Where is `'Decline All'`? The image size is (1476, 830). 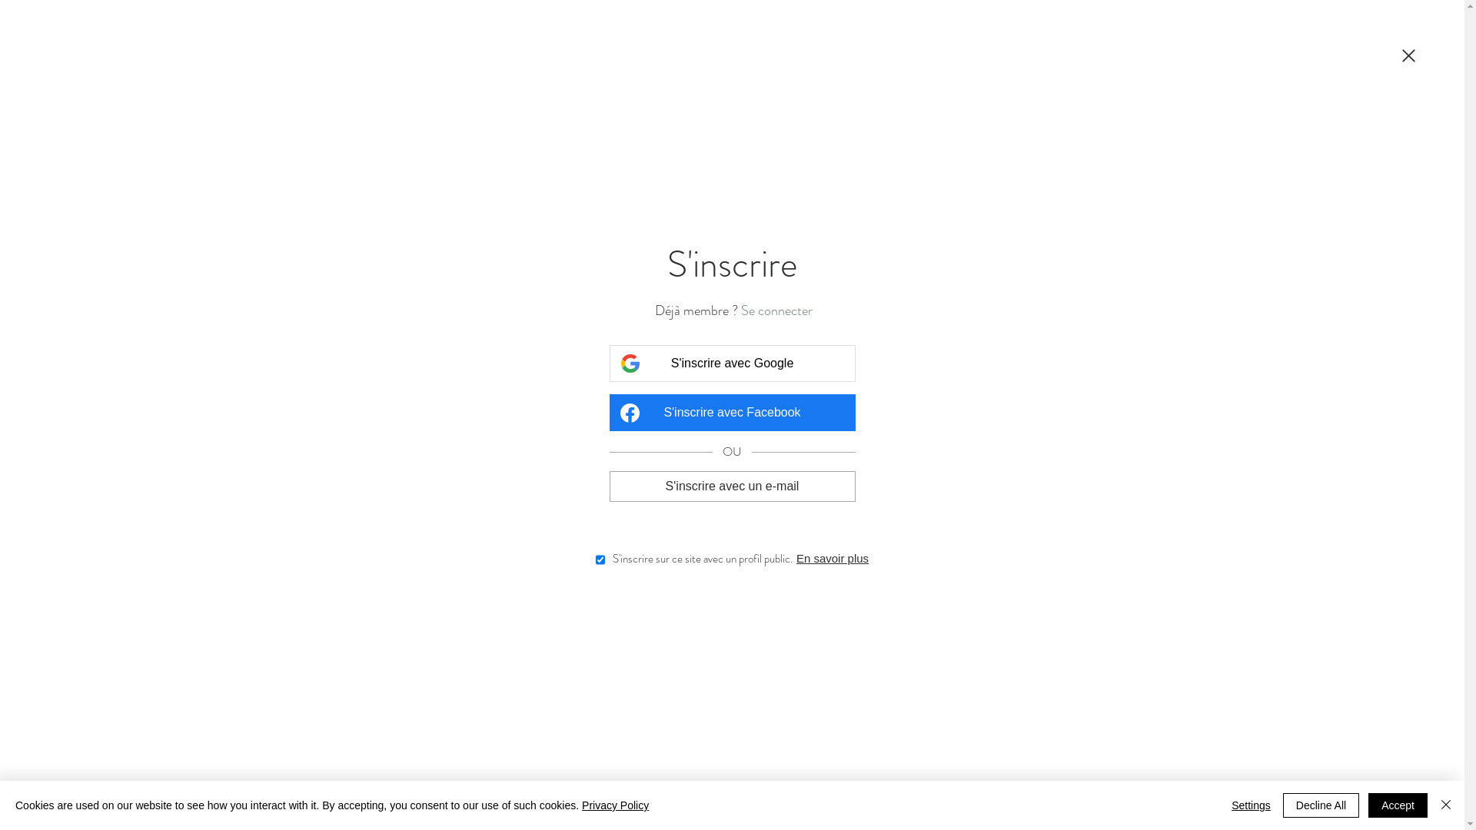 'Decline All' is located at coordinates (1320, 805).